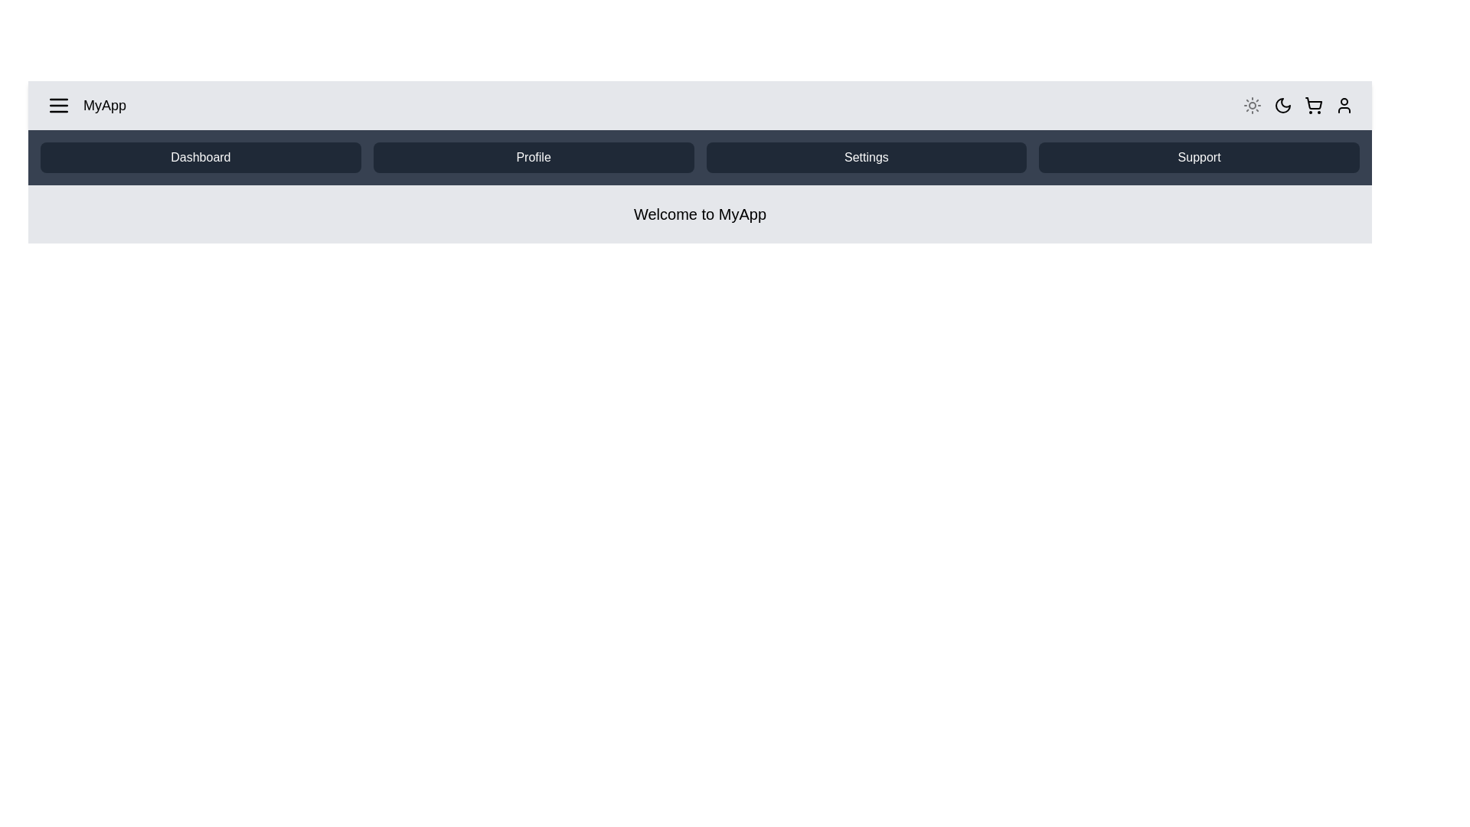  What do you see at coordinates (1344, 105) in the screenshot?
I see `the user icon located at the top-right corner of the app bar` at bounding box center [1344, 105].